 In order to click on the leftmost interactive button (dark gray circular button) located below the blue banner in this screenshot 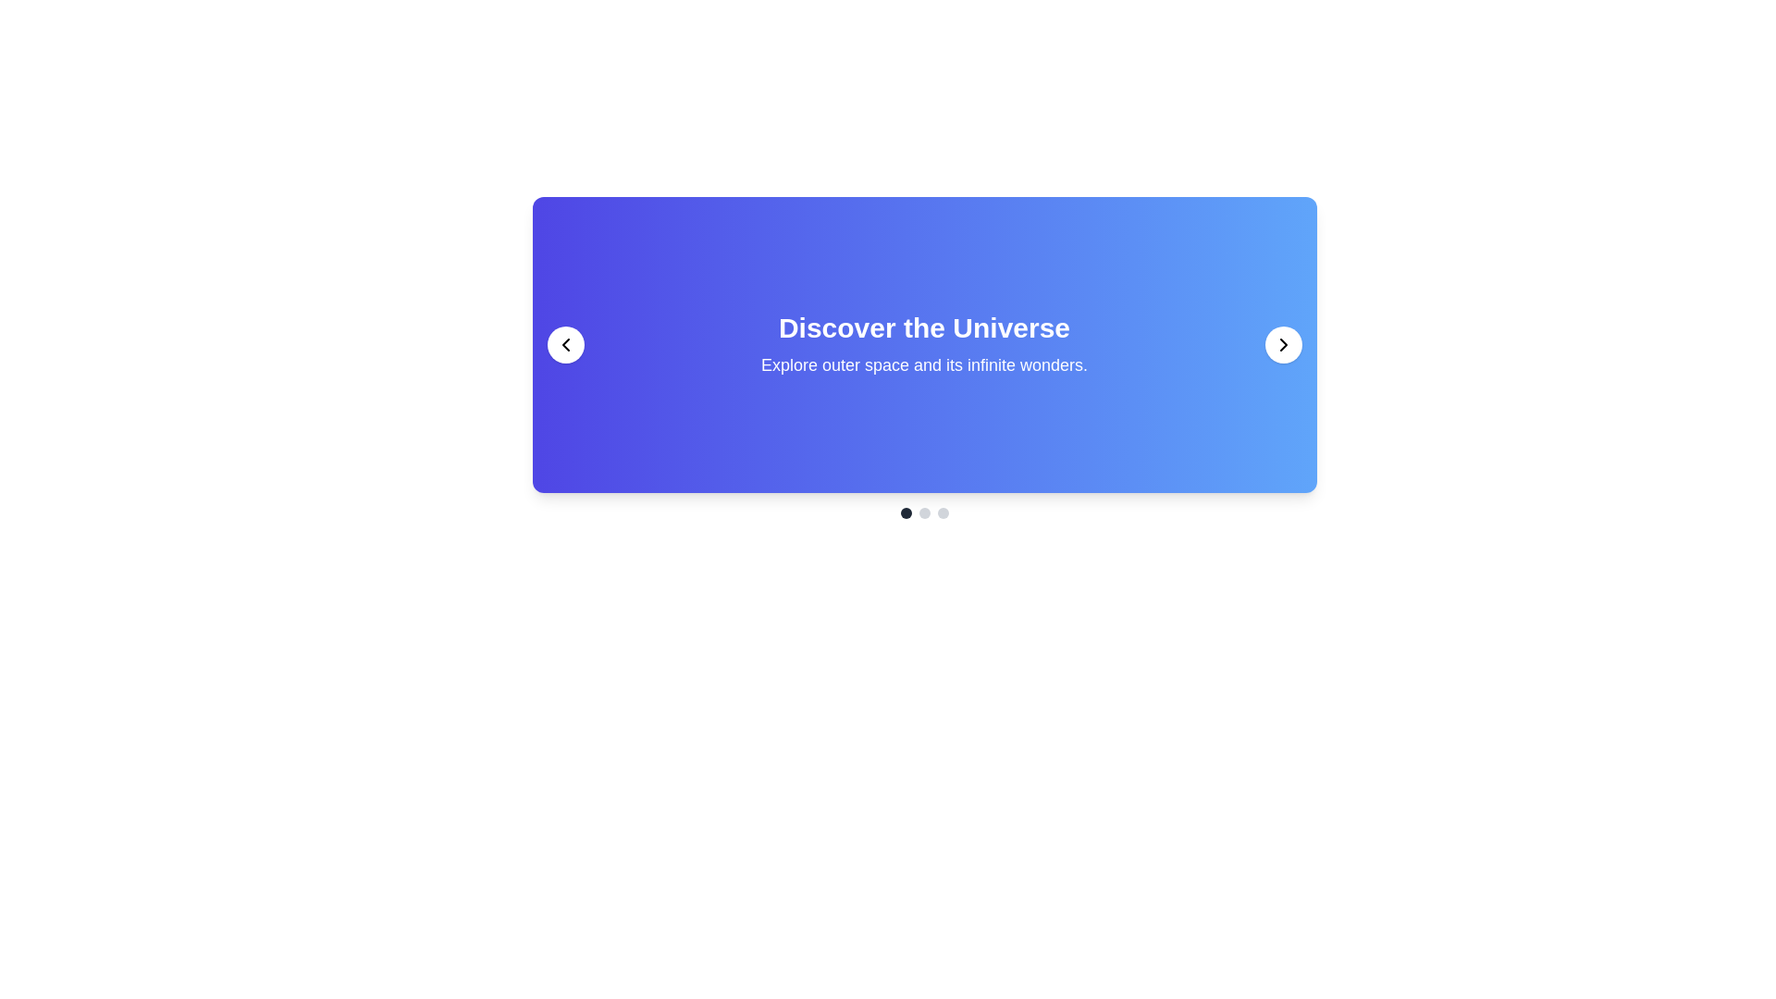, I will do `click(906, 513)`.